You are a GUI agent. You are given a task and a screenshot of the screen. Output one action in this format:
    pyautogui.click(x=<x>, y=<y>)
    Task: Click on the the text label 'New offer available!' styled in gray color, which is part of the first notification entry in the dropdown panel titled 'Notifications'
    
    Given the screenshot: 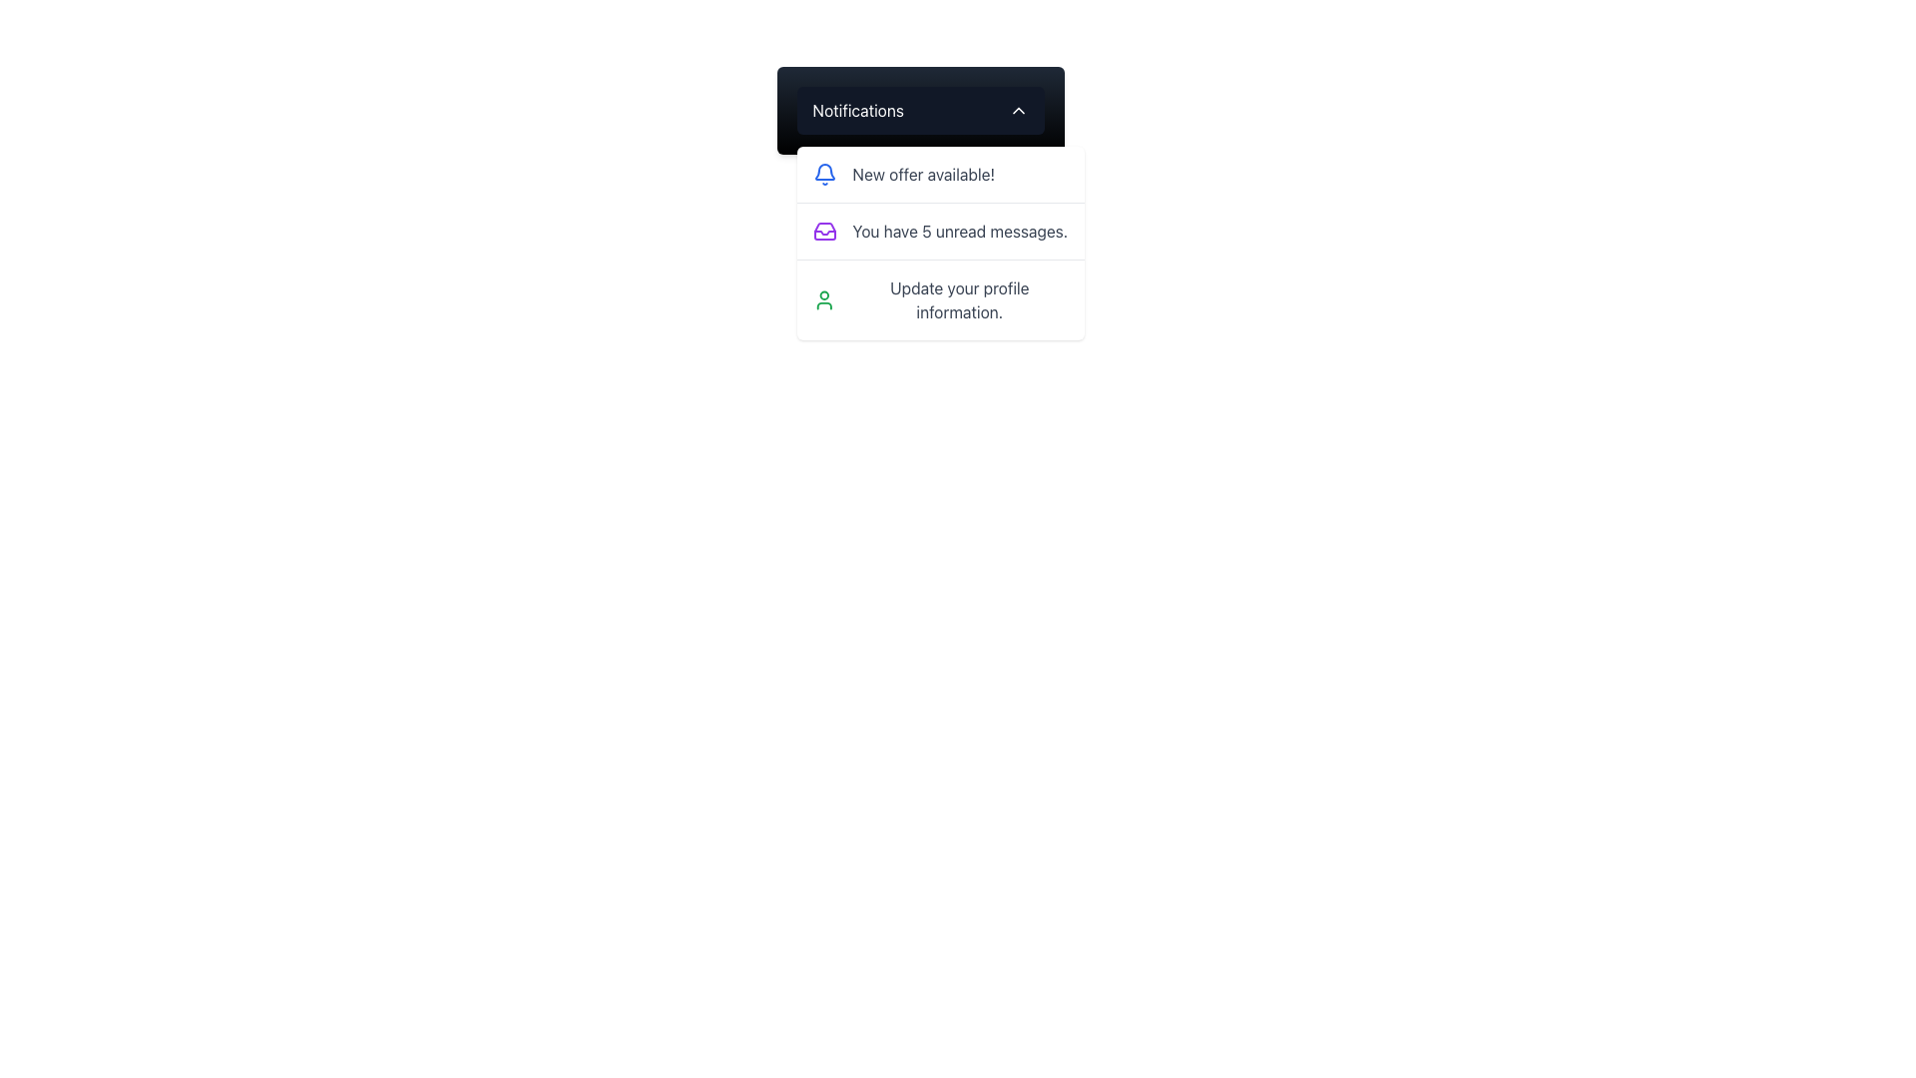 What is the action you would take?
    pyautogui.click(x=922, y=173)
    